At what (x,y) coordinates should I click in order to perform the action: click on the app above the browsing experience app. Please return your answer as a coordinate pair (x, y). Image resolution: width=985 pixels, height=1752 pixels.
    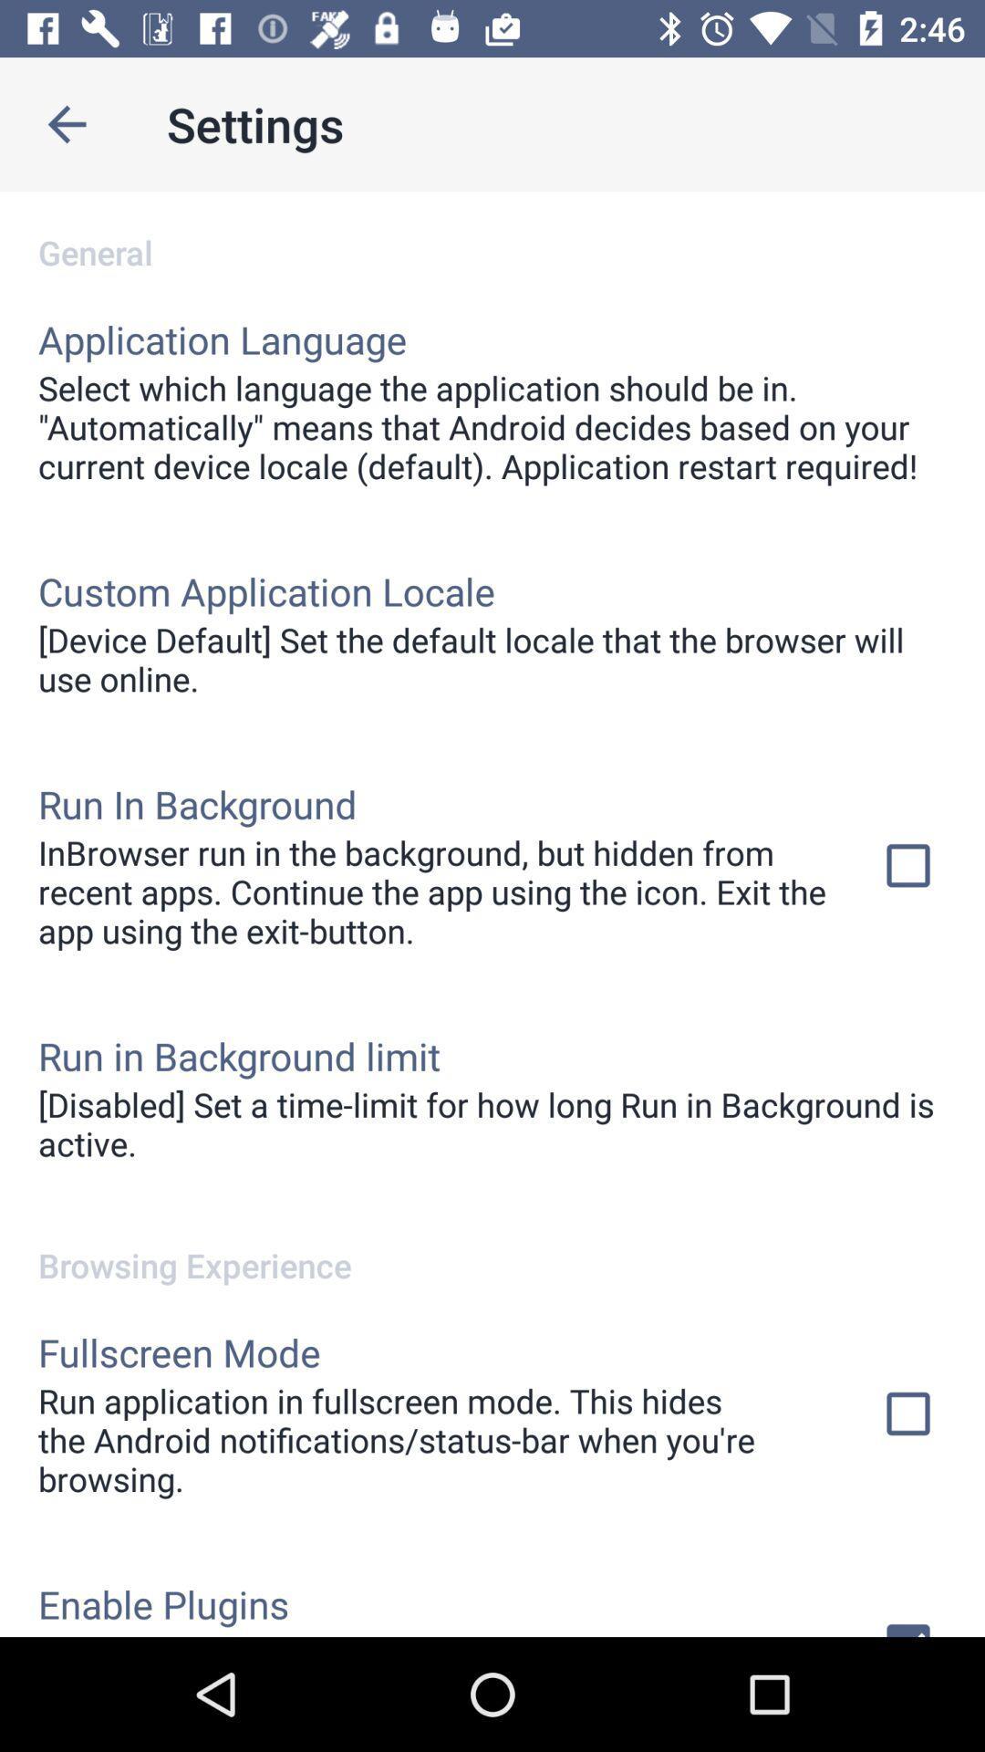
    Looking at the image, I should click on (493, 1122).